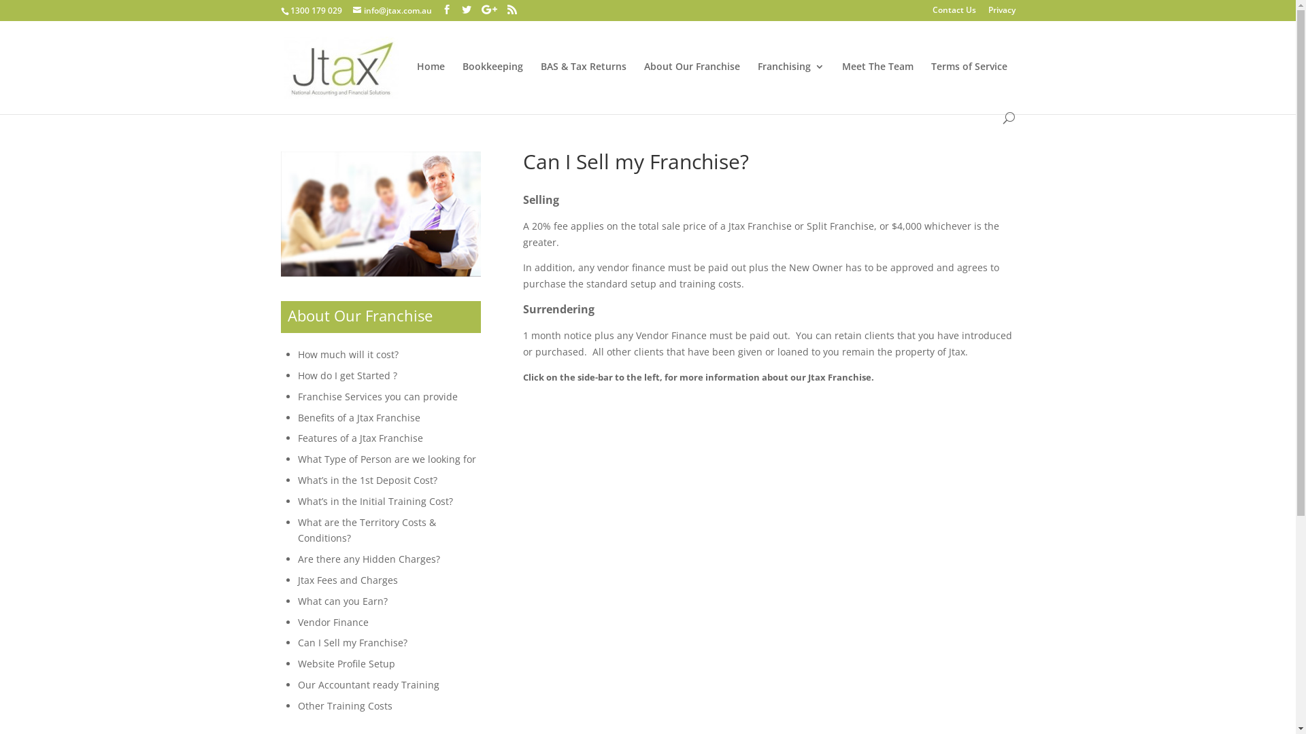 This screenshot has width=1306, height=734. What do you see at coordinates (360, 438) in the screenshot?
I see `'Features of a Jtax Franchise'` at bounding box center [360, 438].